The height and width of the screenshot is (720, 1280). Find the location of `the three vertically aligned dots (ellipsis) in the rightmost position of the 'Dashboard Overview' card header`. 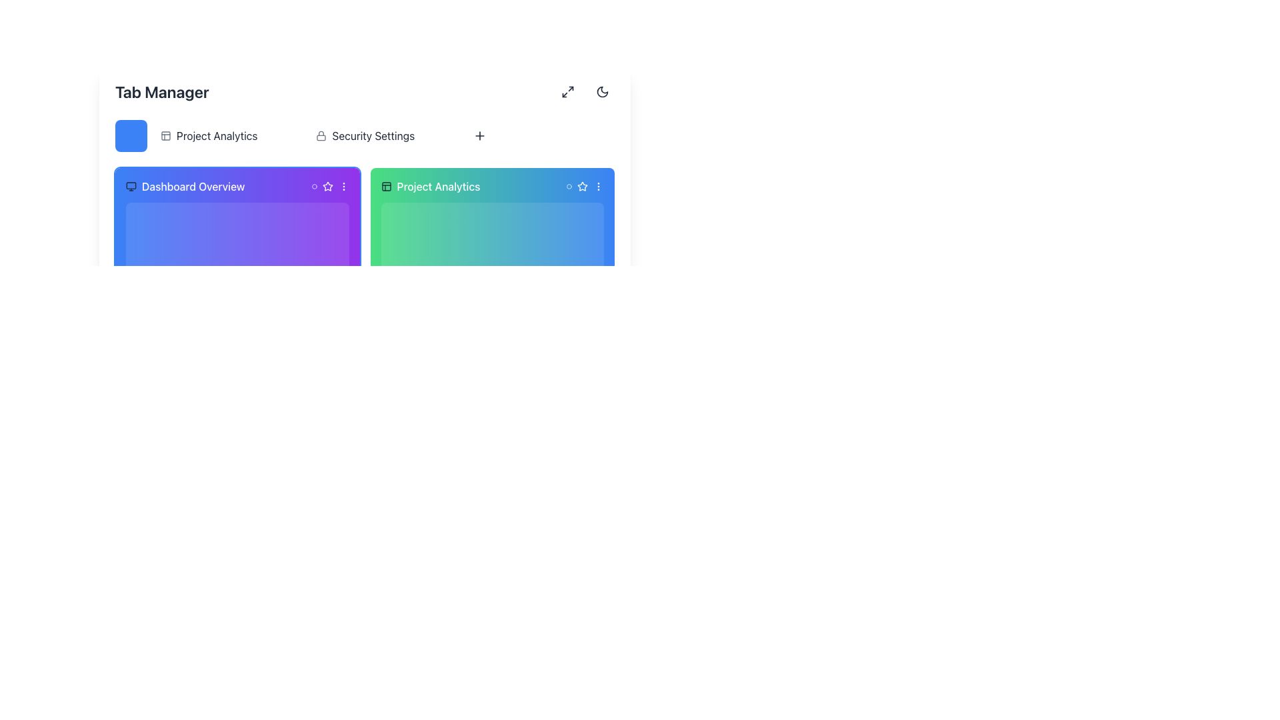

the three vertically aligned dots (ellipsis) in the rightmost position of the 'Dashboard Overview' card header is located at coordinates (343, 187).